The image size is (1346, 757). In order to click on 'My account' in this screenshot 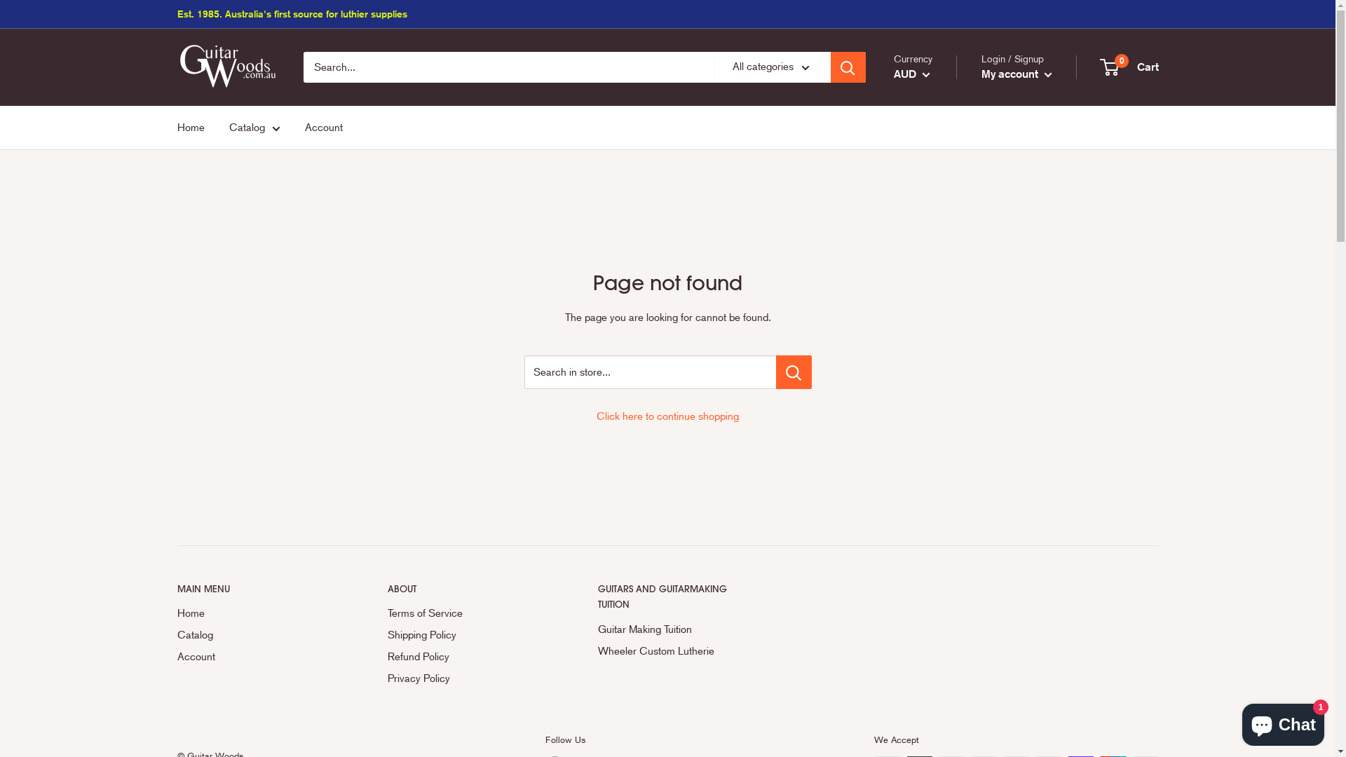, I will do `click(1017, 74)`.